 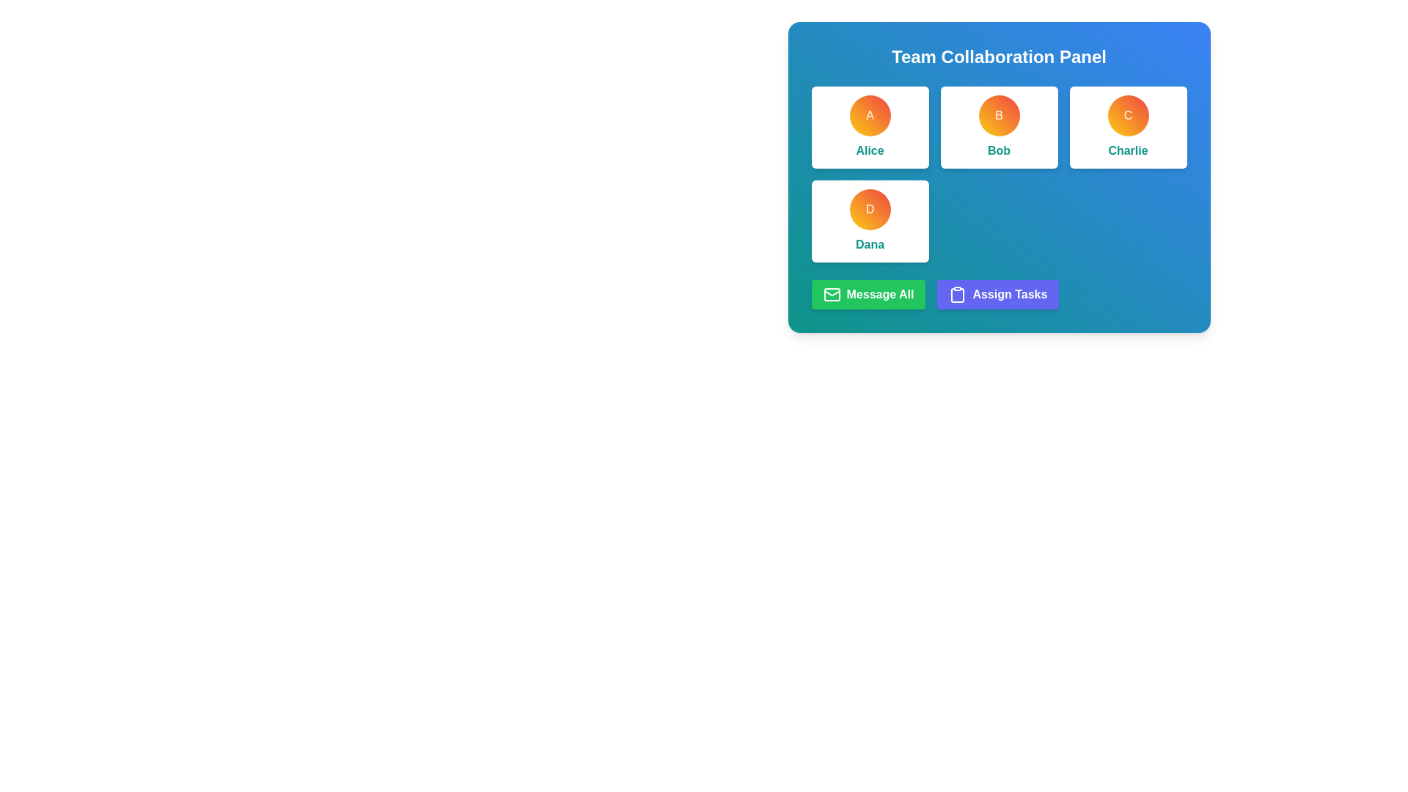 I want to click on the message sending icon located on the left part of the green rectangular button labeled 'Message All' in the bottom-left corner of the 'Team Collaboration Panel', so click(x=832, y=294).